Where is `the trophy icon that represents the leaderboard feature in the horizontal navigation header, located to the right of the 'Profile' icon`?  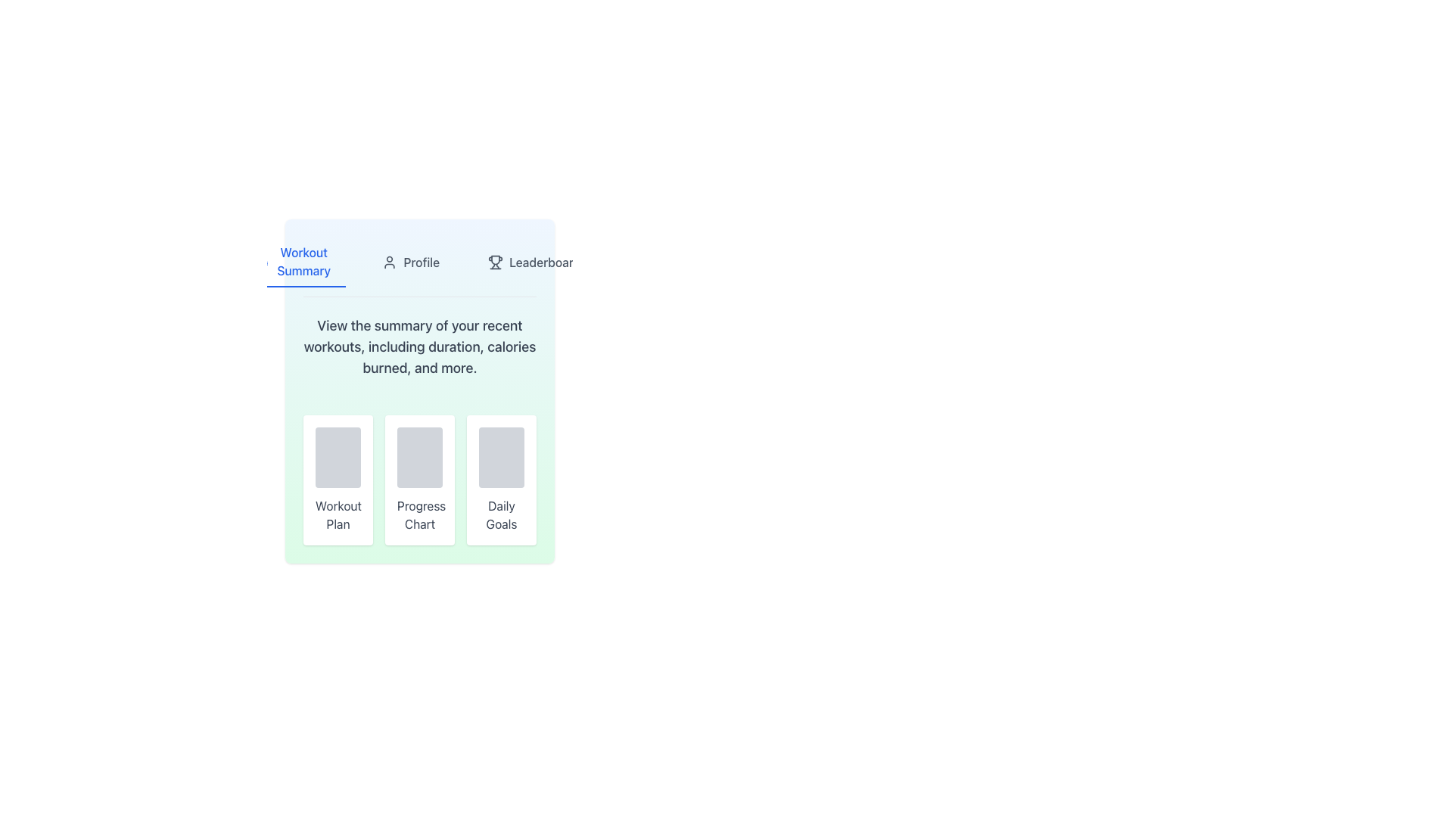 the trophy icon that represents the leaderboard feature in the horizontal navigation header, located to the right of the 'Profile' icon is located at coordinates (496, 259).